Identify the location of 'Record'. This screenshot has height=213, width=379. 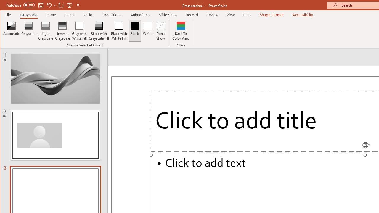
(192, 14).